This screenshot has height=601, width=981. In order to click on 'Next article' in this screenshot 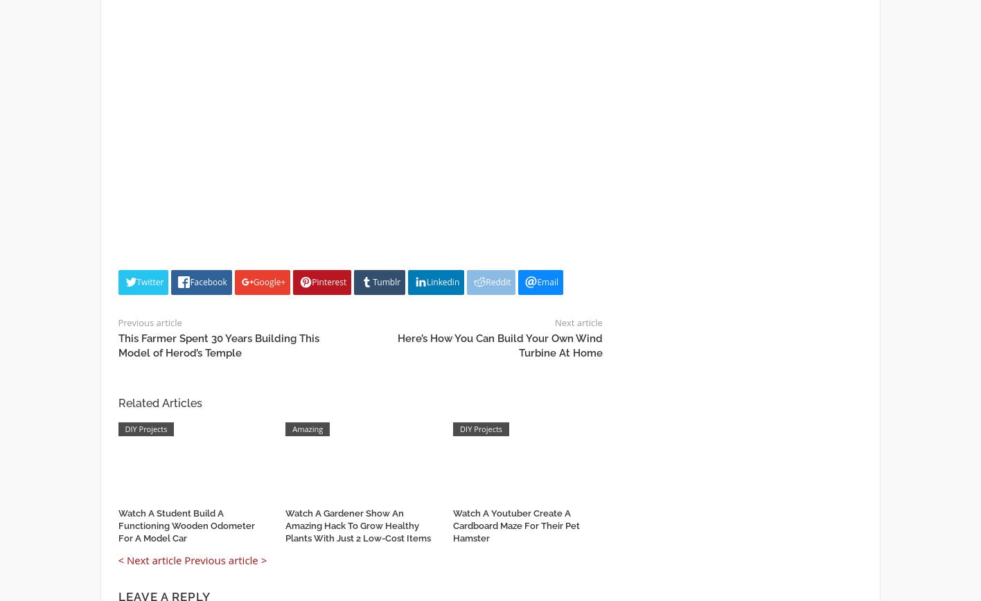, I will do `click(554, 321)`.